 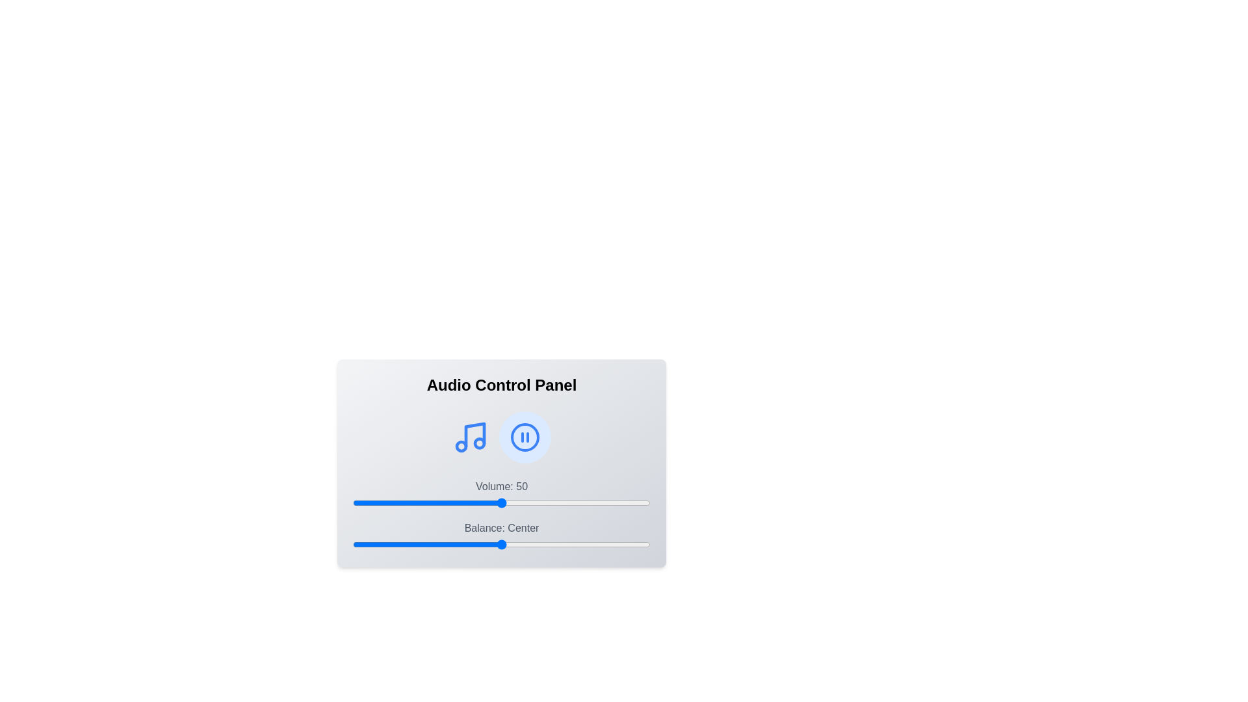 I want to click on the slider value, so click(x=558, y=502).